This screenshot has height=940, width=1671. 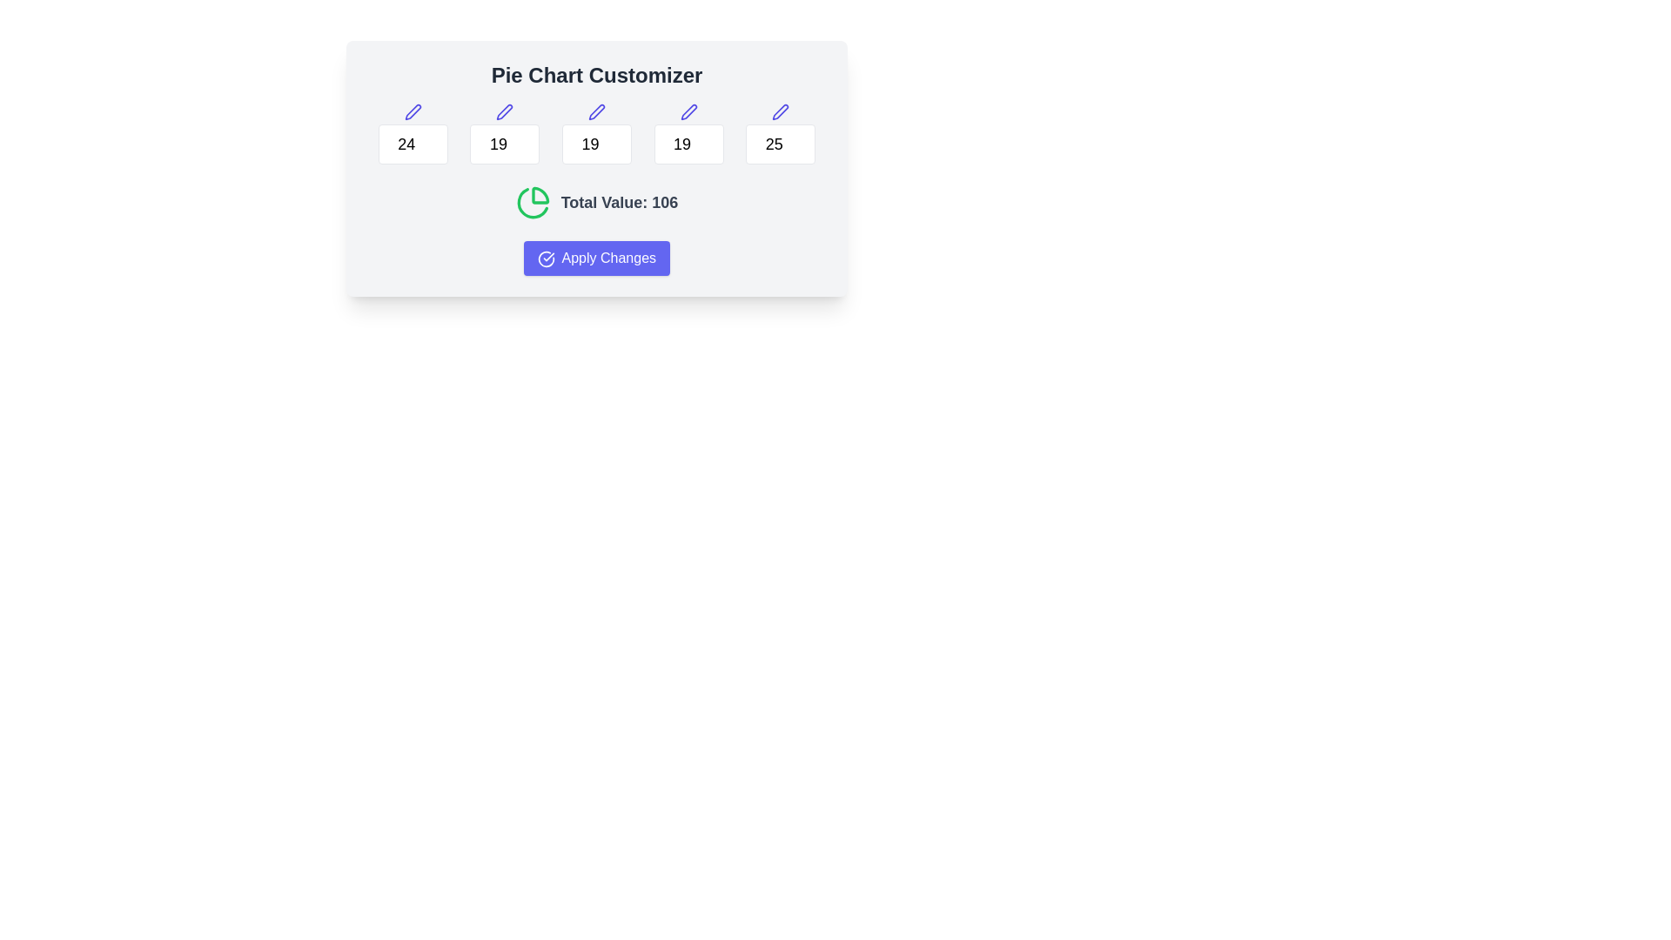 What do you see at coordinates (597, 258) in the screenshot?
I see `the confirmation button at the bottom of the 'Pie Chart Customizer' panel to apply changes` at bounding box center [597, 258].